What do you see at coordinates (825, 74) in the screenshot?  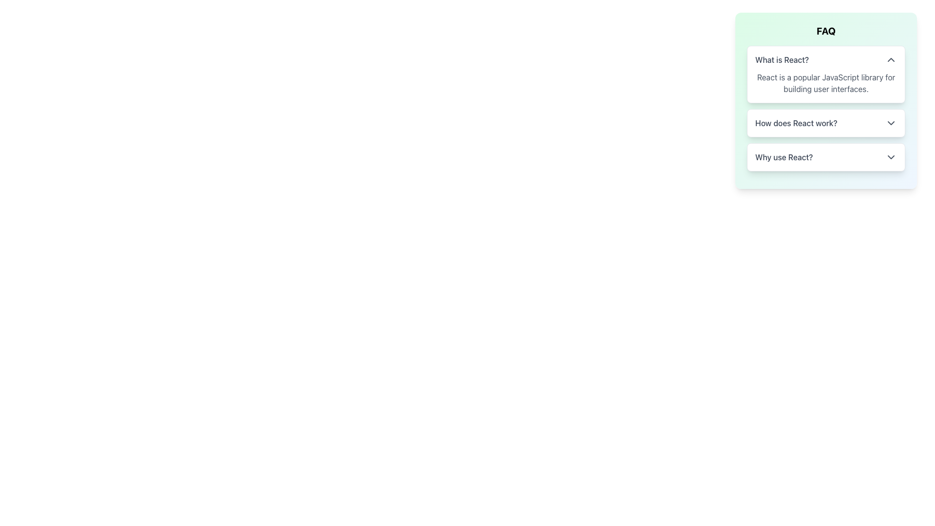 I see `the chevron icon of the first FAQ item under the 'FAQ' section` at bounding box center [825, 74].